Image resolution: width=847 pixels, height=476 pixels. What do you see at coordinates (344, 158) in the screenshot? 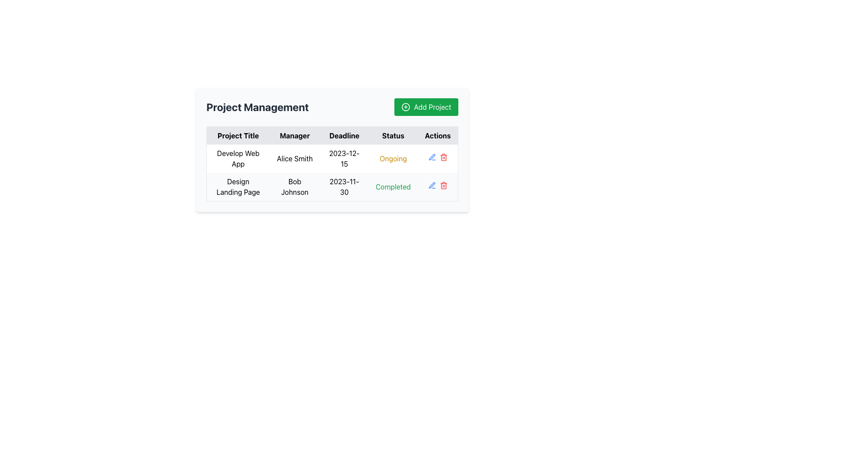
I see `the static text displaying the date '2023-12-15' in the 'Deadline' column of the project's management table` at bounding box center [344, 158].